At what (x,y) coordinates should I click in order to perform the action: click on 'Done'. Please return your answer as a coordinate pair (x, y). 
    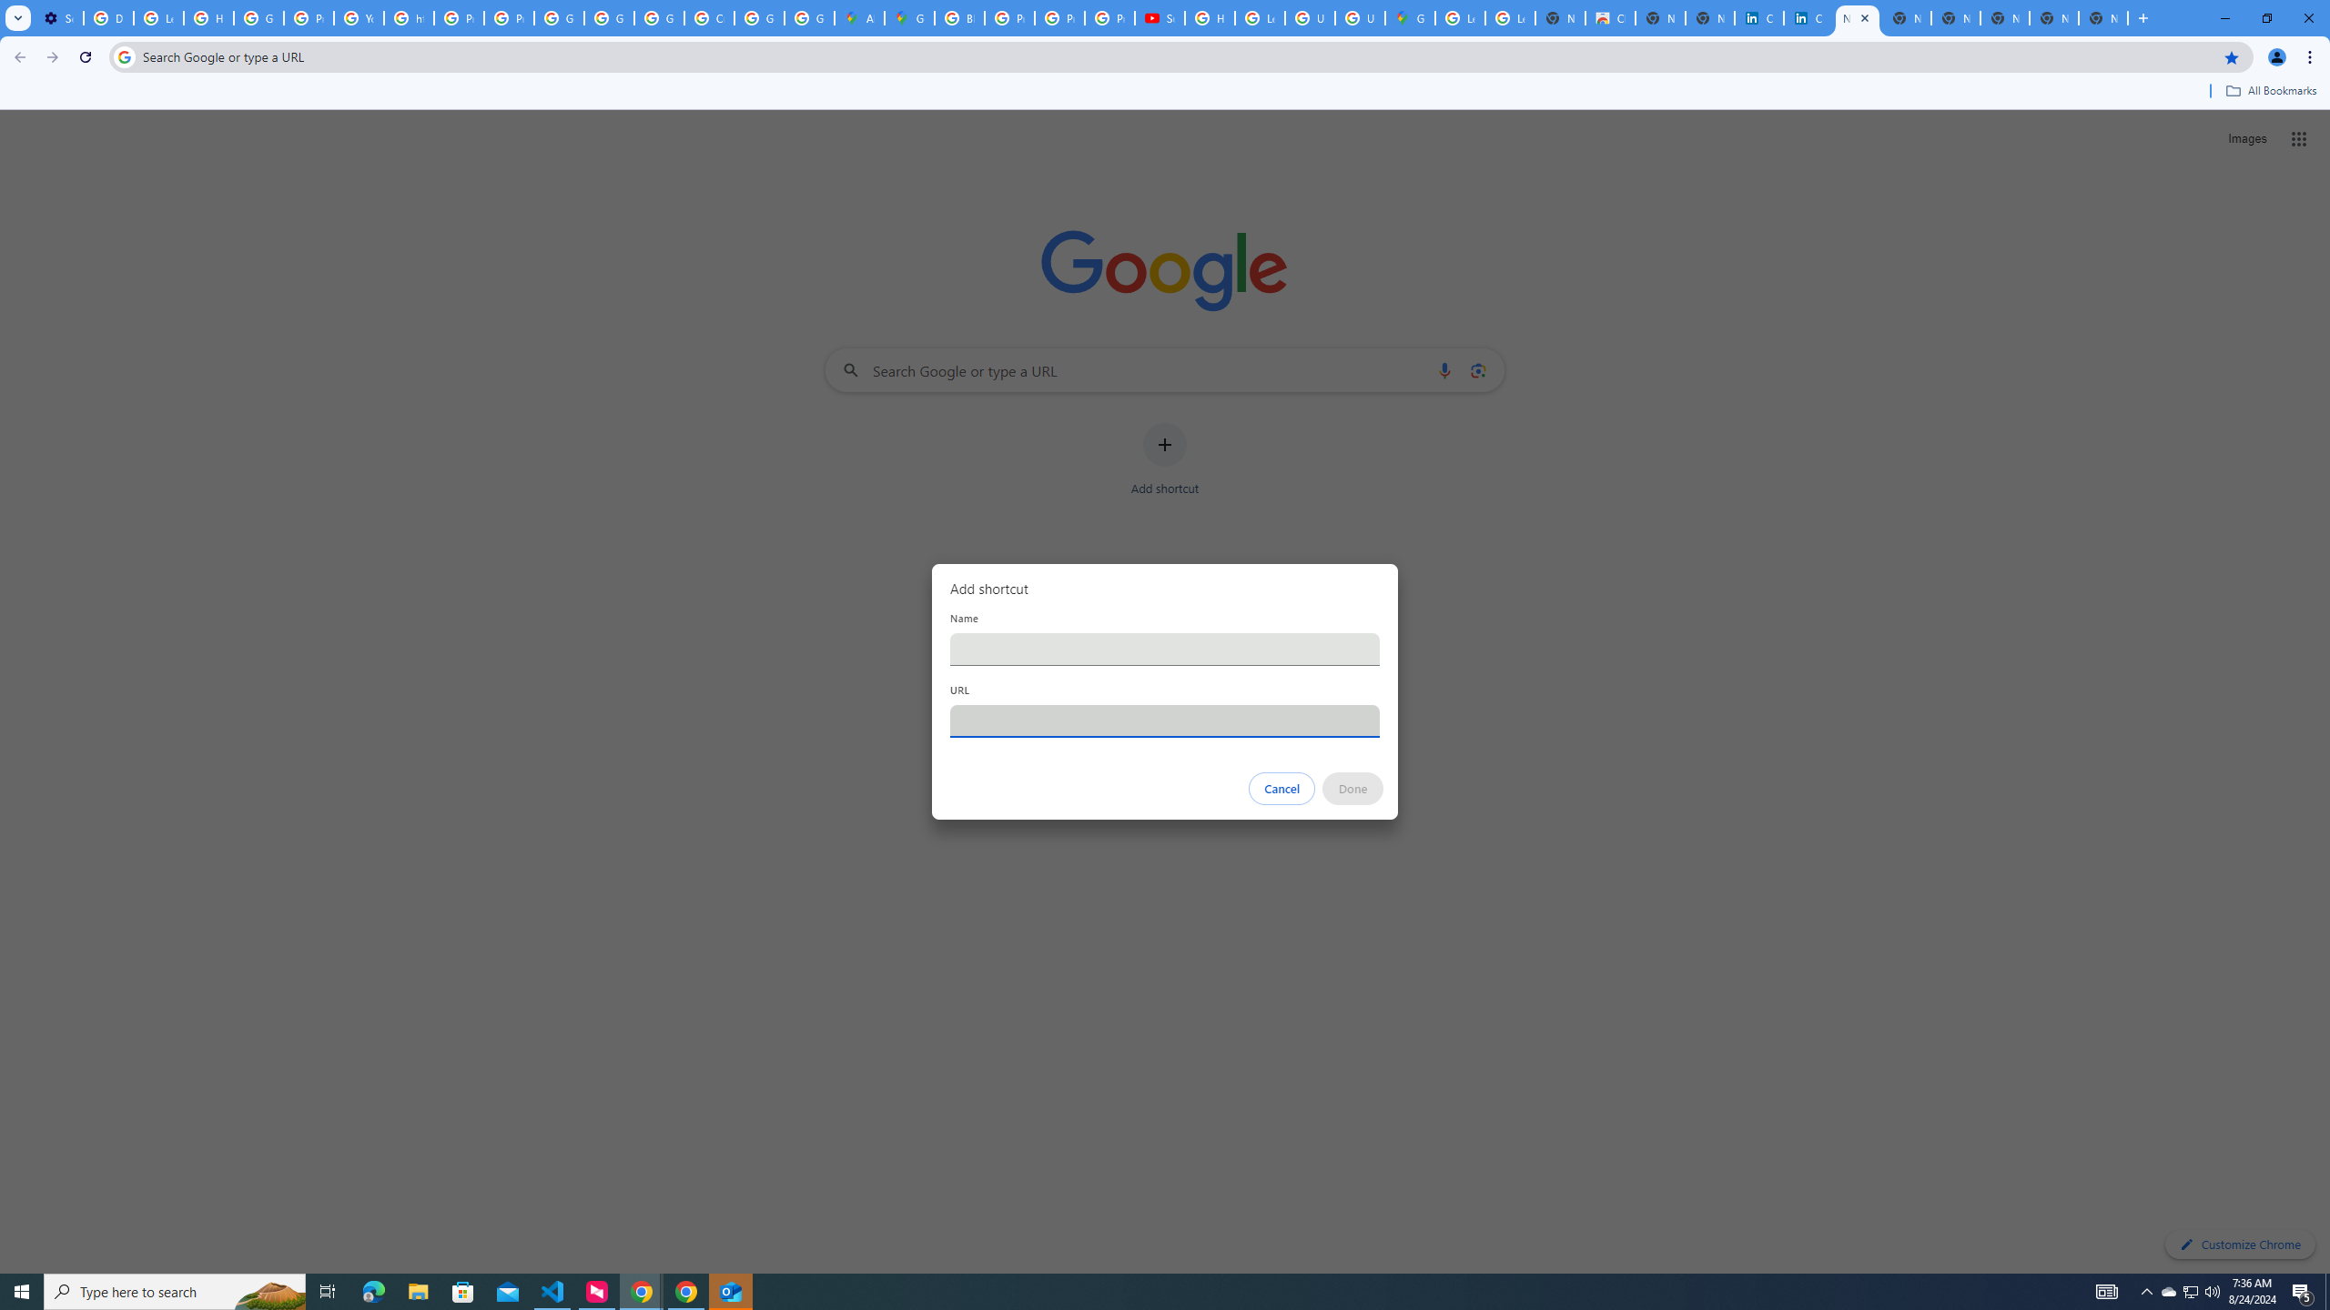
    Looking at the image, I should click on (1353, 788).